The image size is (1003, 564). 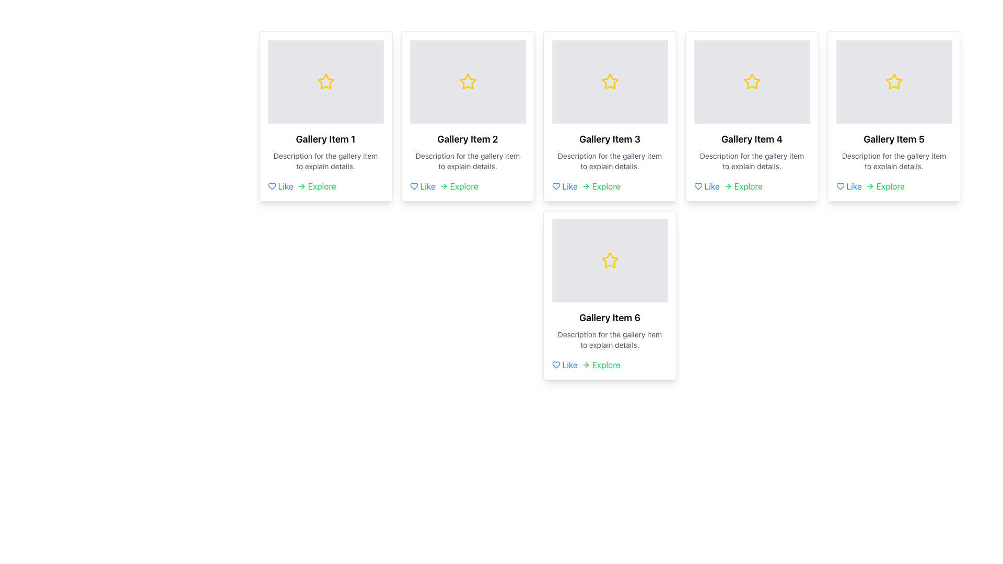 I want to click on the decorative placeholder in the 'Gallery Item 2' card, which is a gray rectangular area with rounded corners and a centered yellow star icon, so click(x=467, y=81).